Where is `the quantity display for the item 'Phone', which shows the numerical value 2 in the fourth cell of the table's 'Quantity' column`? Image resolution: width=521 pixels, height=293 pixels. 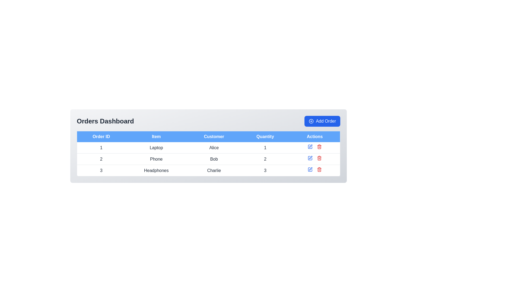 the quantity display for the item 'Phone', which shows the numerical value 2 in the fourth cell of the table's 'Quantity' column is located at coordinates (265, 159).